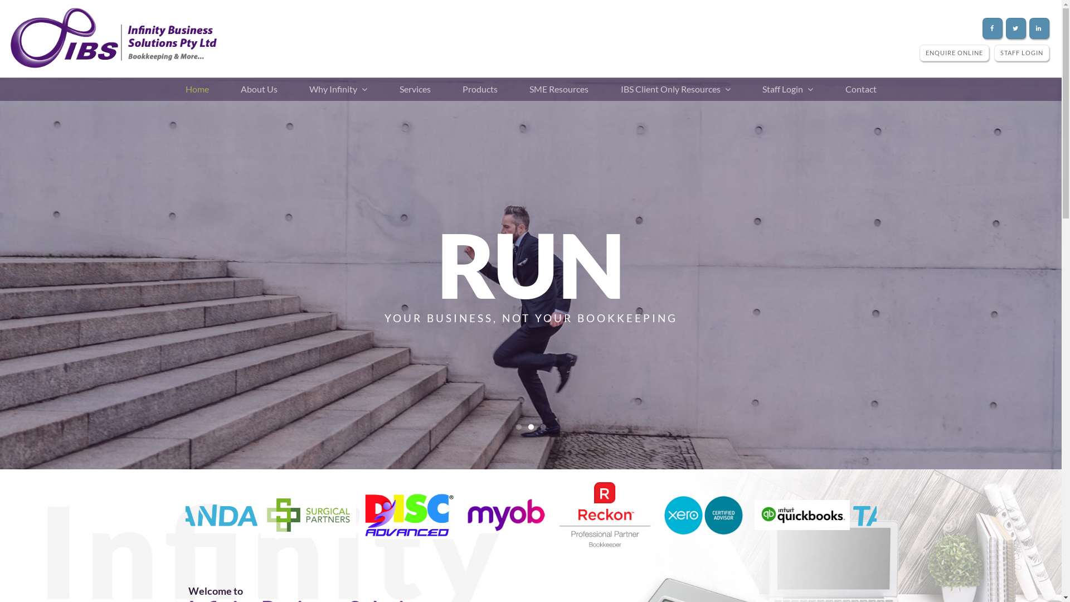 The width and height of the screenshot is (1070, 602). What do you see at coordinates (337, 88) in the screenshot?
I see `'Why Infinity'` at bounding box center [337, 88].